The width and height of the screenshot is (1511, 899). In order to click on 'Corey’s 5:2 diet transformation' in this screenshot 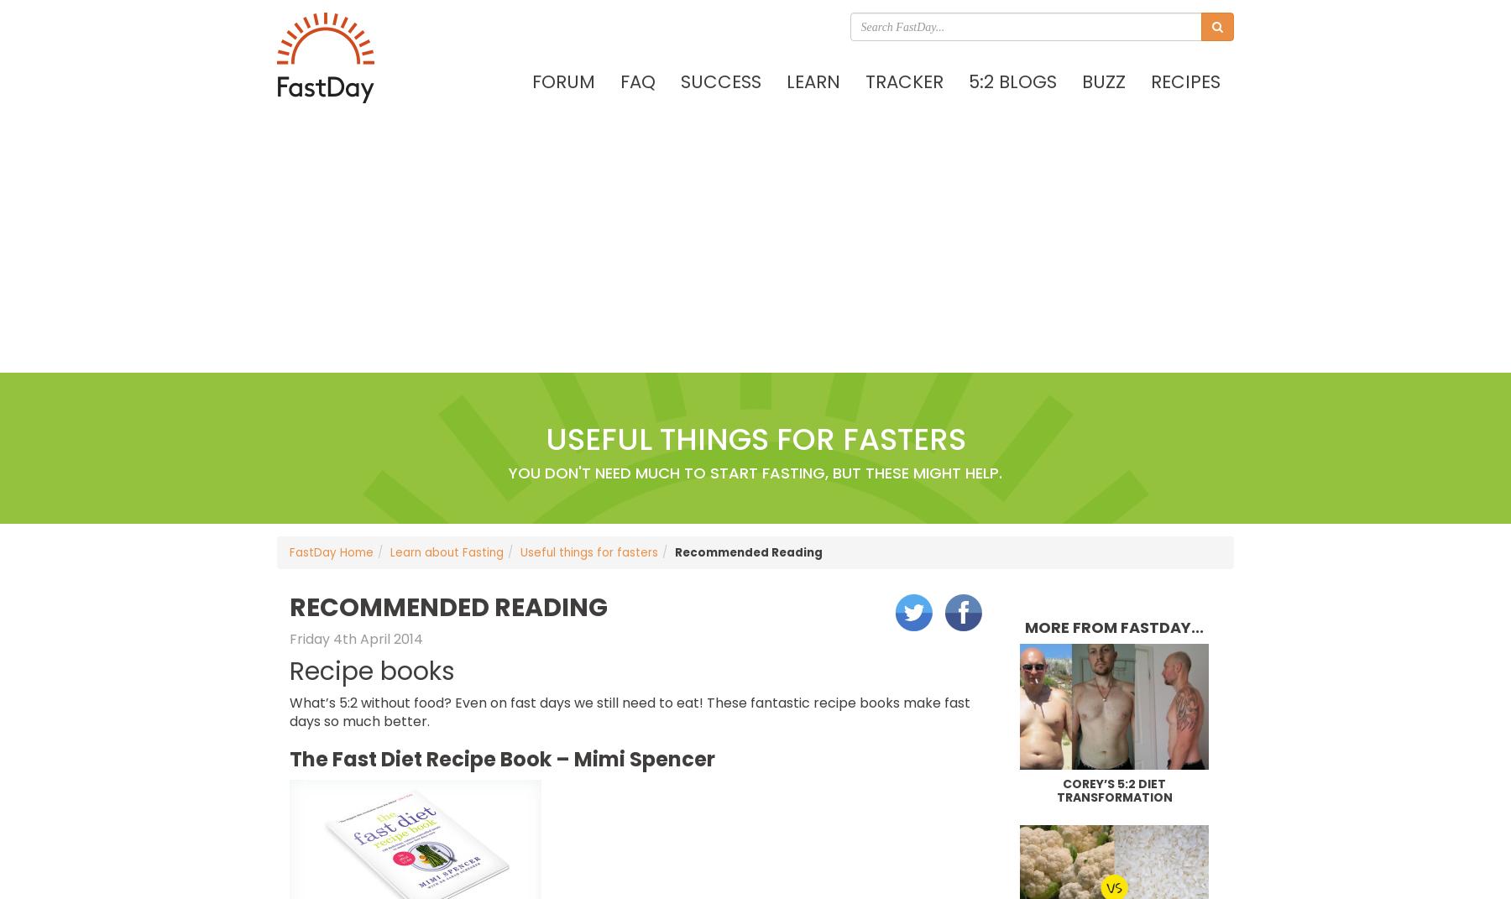, I will do `click(1113, 789)`.